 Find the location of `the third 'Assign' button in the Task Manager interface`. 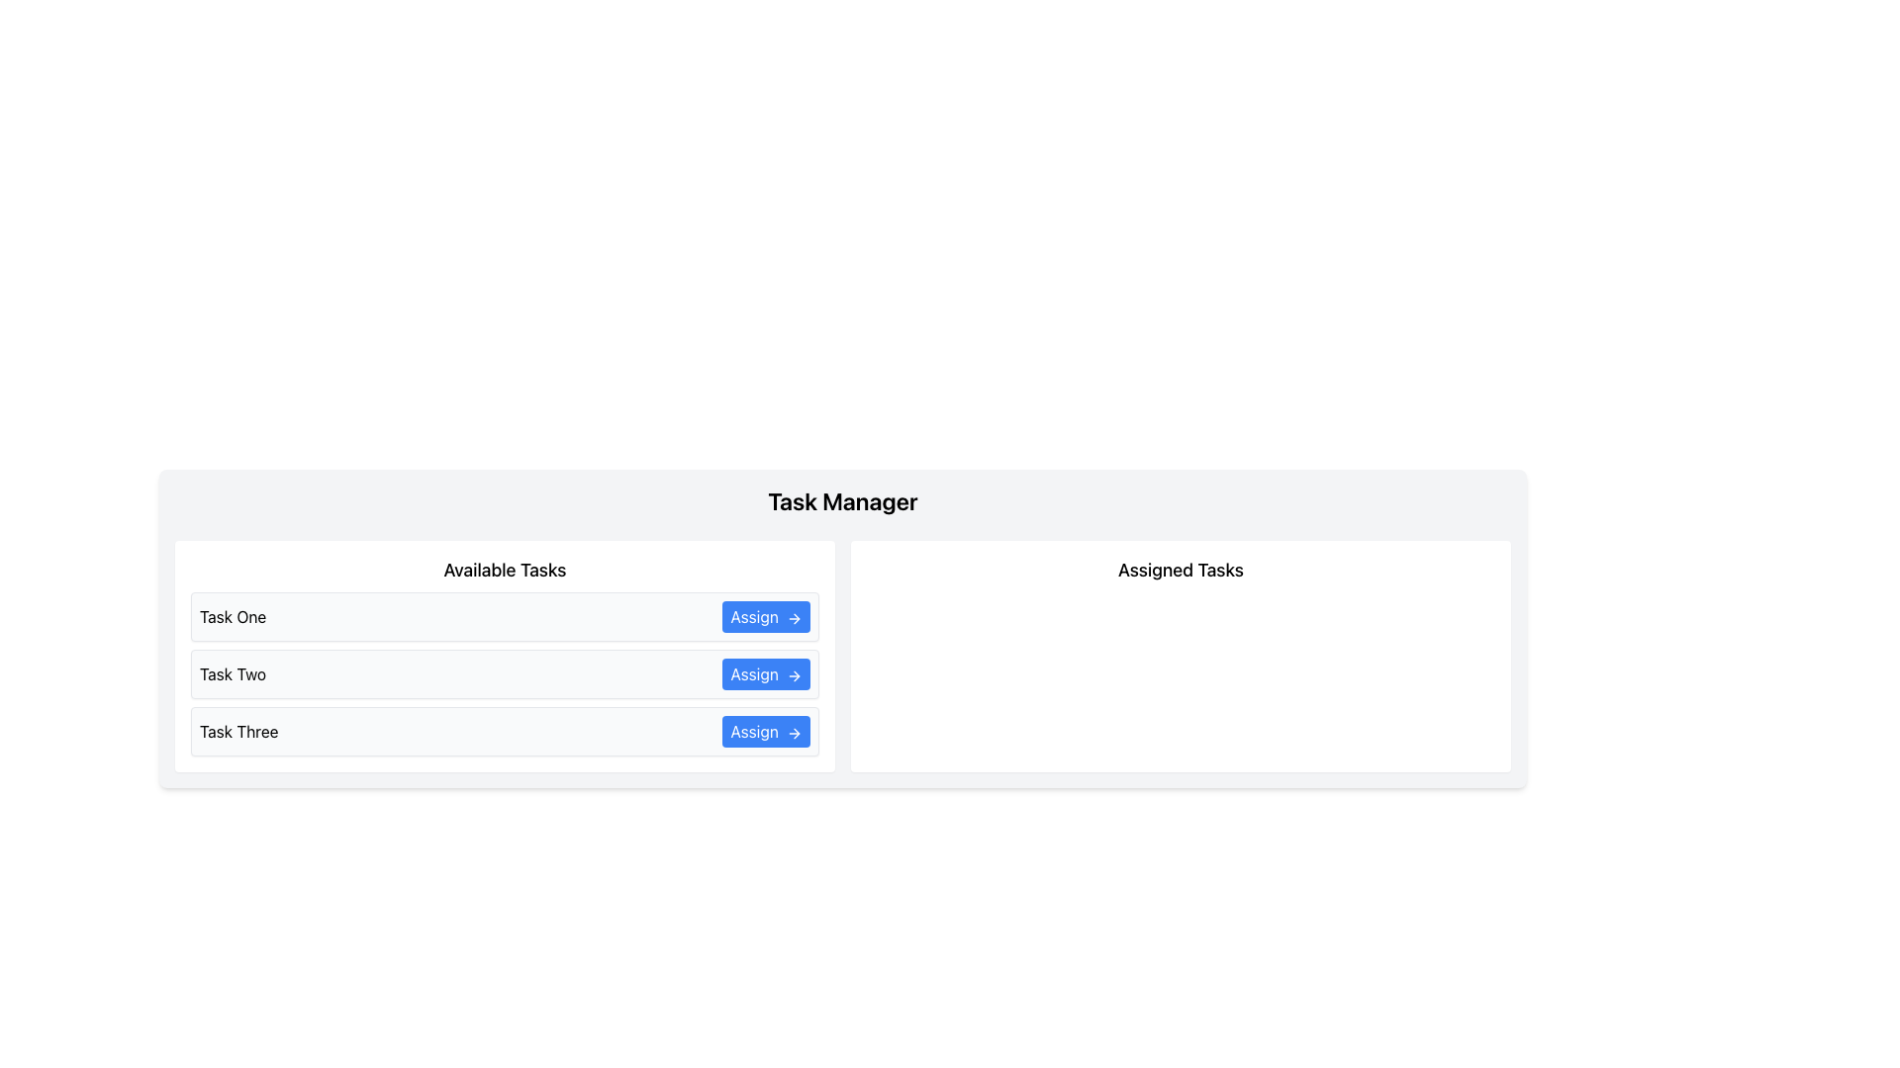

the third 'Assign' button in the Task Manager interface is located at coordinates (765, 732).